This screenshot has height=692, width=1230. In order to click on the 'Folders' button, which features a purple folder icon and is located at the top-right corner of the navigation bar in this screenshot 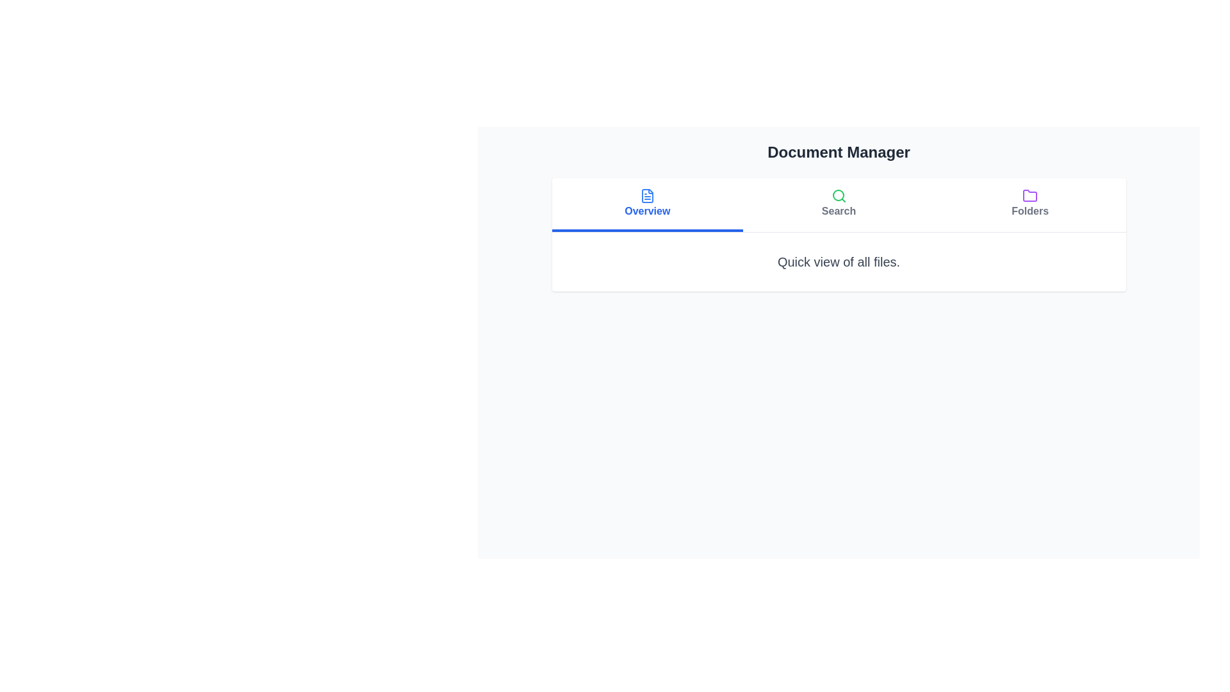, I will do `click(1030, 202)`.